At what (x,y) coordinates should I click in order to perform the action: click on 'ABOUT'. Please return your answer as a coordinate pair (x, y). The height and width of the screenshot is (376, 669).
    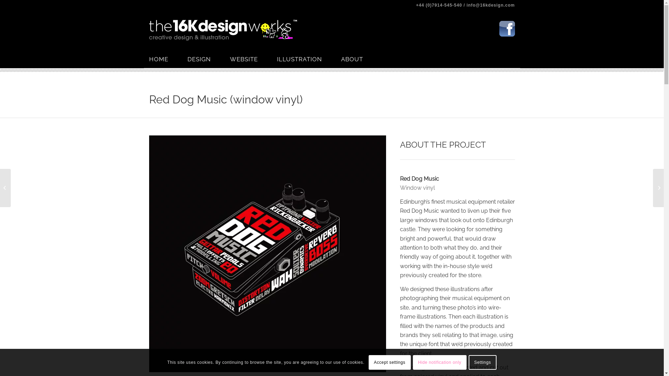
    Looking at the image, I should click on (361, 58).